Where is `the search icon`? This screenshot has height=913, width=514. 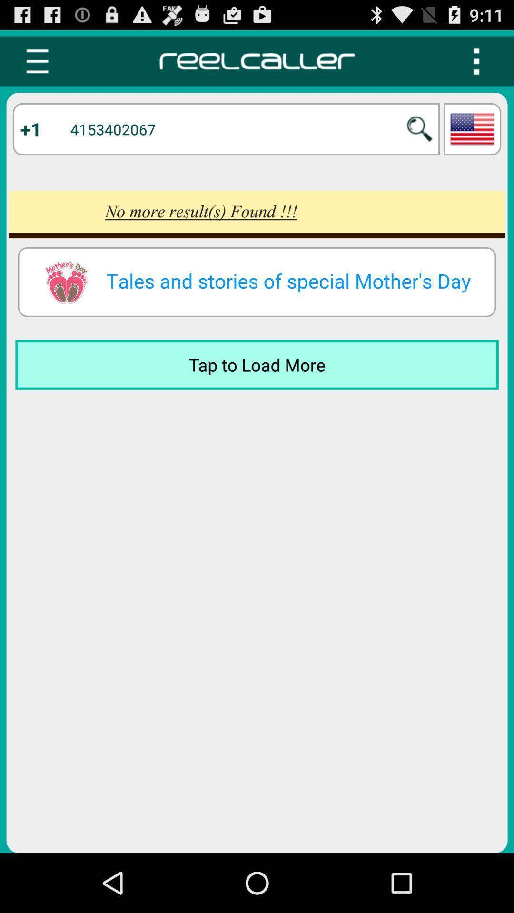 the search icon is located at coordinates (419, 137).